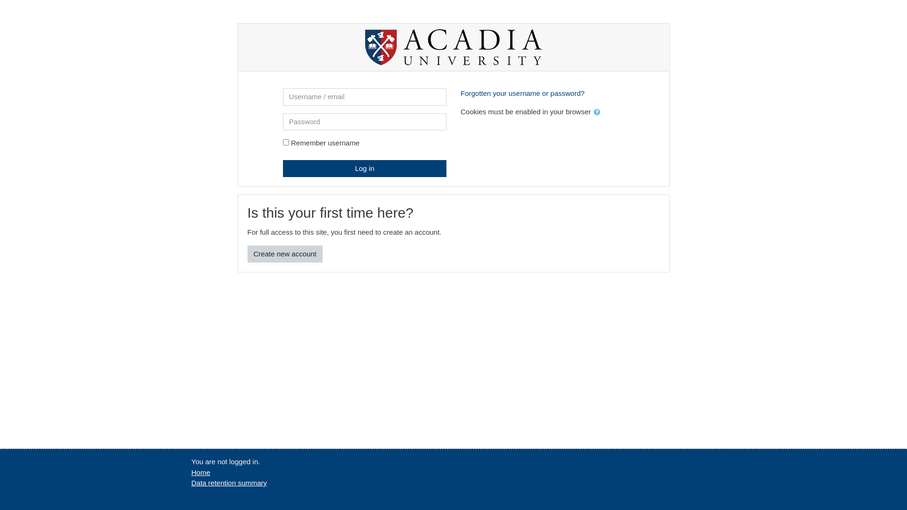  I want to click on 'Create new account', so click(284, 254).